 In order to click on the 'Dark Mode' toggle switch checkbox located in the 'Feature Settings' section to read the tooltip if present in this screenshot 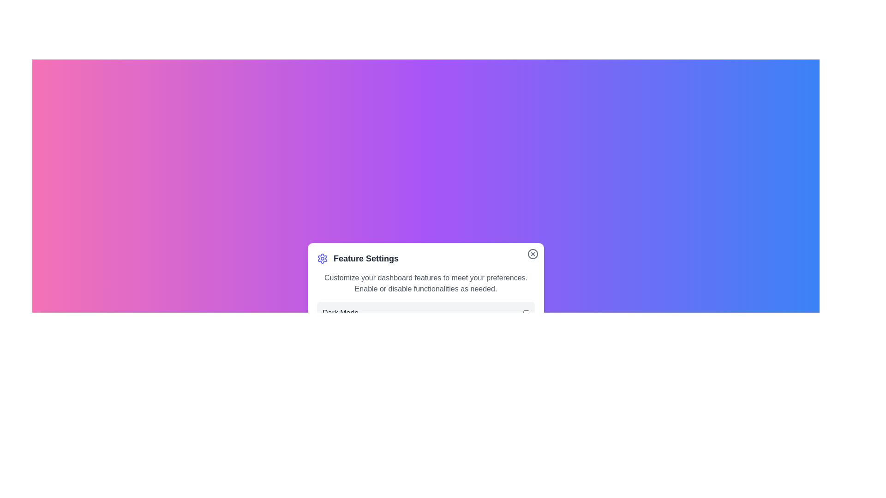, I will do `click(425, 312)`.